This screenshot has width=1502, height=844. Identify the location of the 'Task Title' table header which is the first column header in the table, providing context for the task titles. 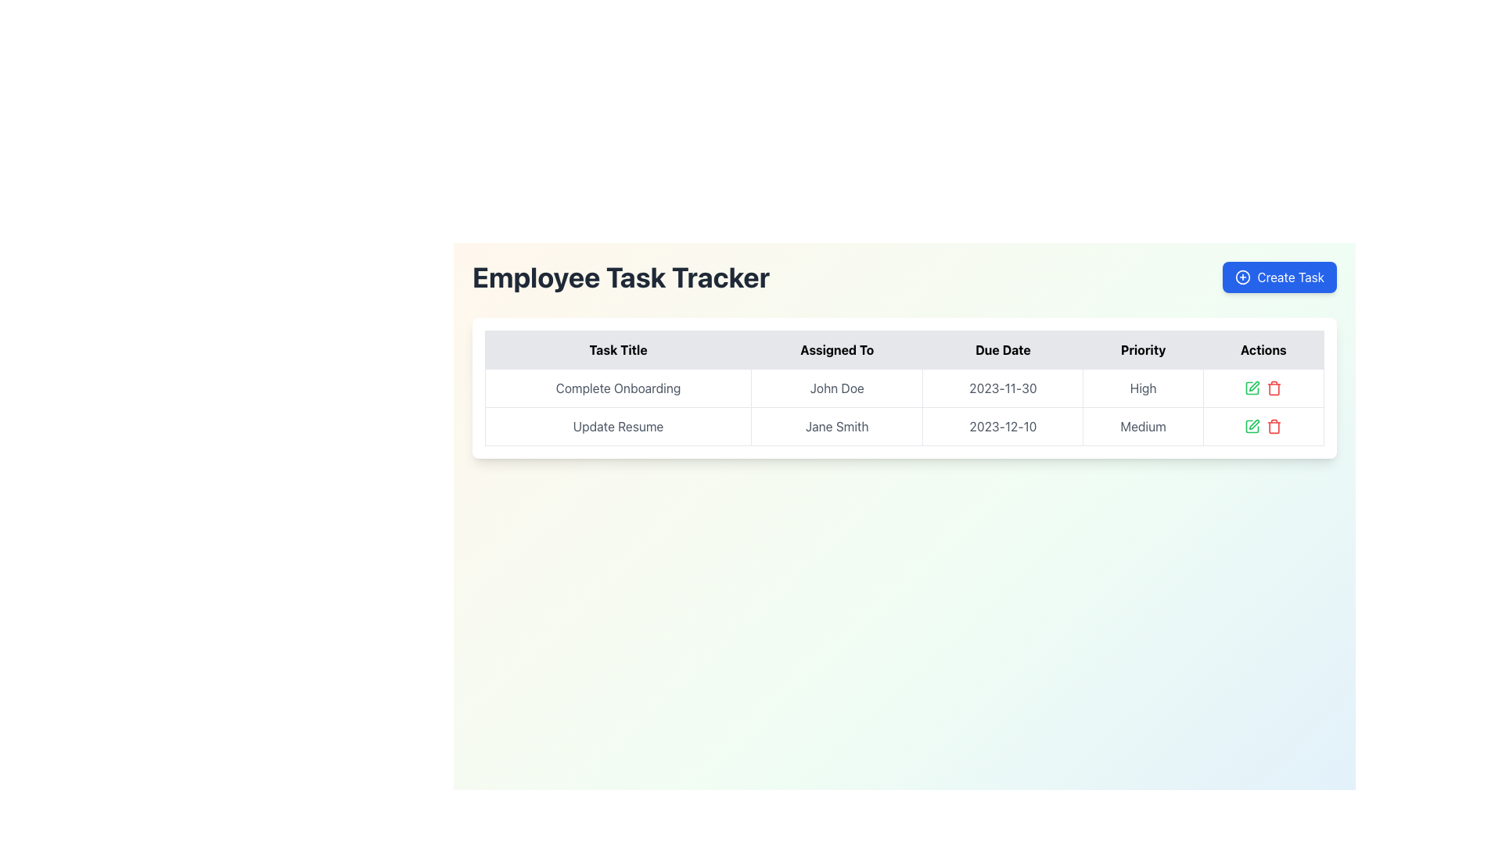
(617, 349).